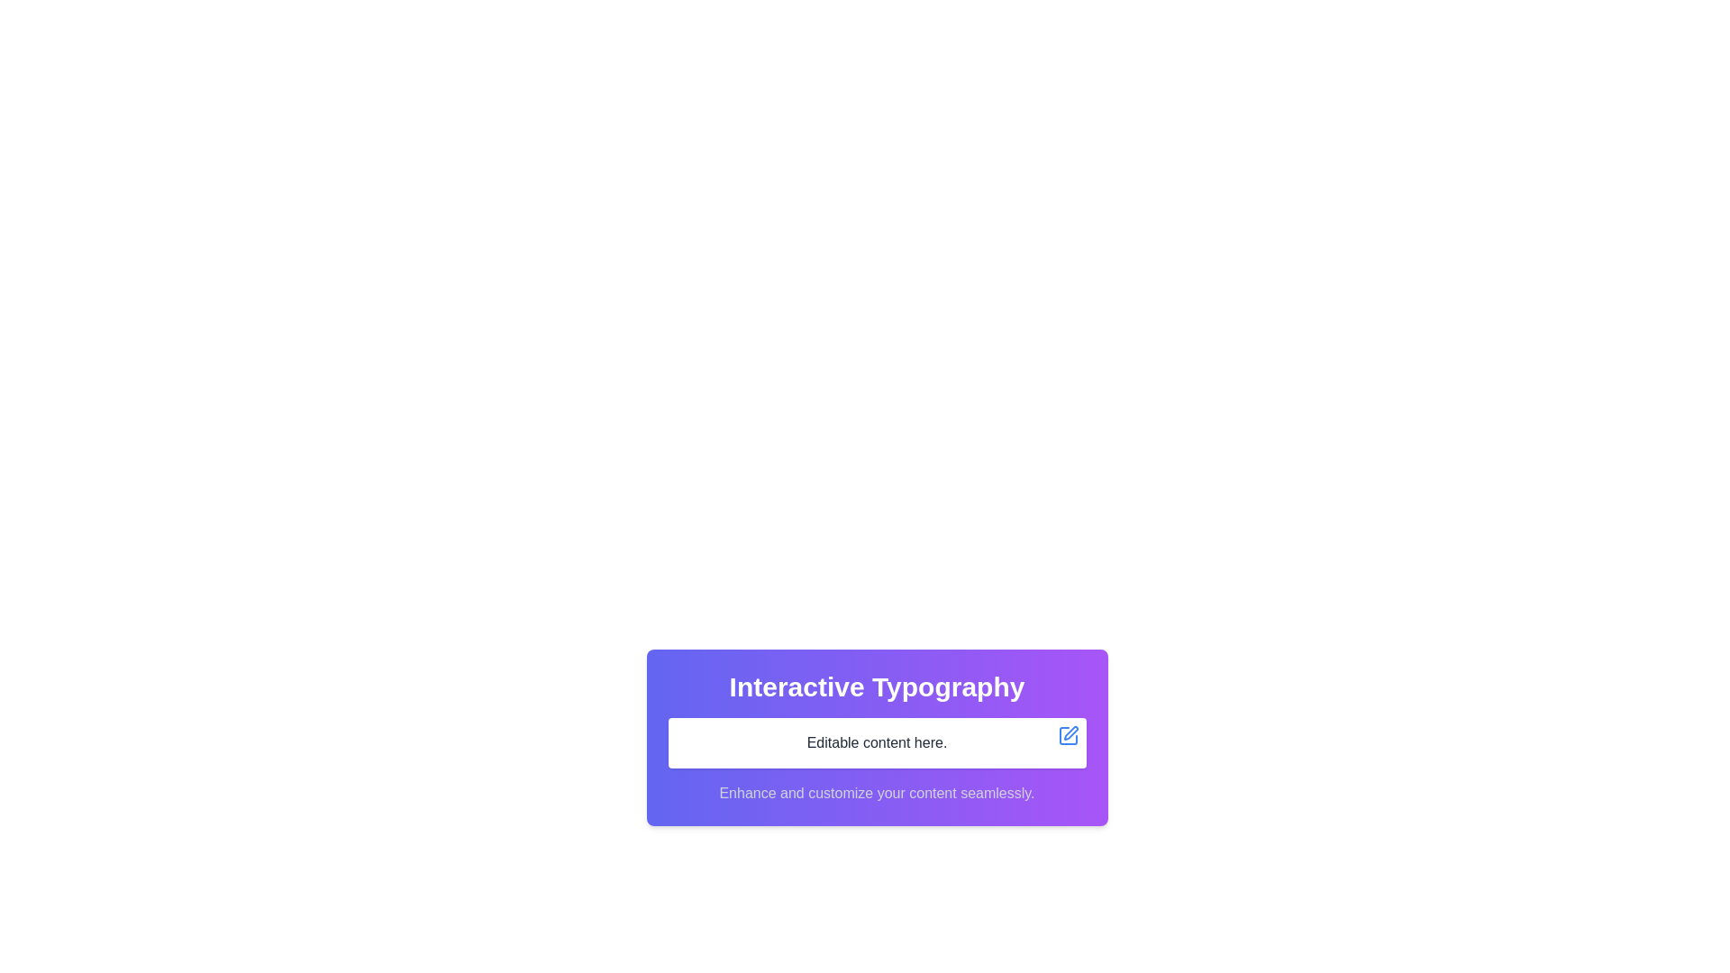 Image resolution: width=1730 pixels, height=973 pixels. What do you see at coordinates (1068, 736) in the screenshot?
I see `the edit button located at the top-right corner of the white rectangular box containing the text 'Editable content here.' This button initiates editing or customization of the associated content when clicked` at bounding box center [1068, 736].